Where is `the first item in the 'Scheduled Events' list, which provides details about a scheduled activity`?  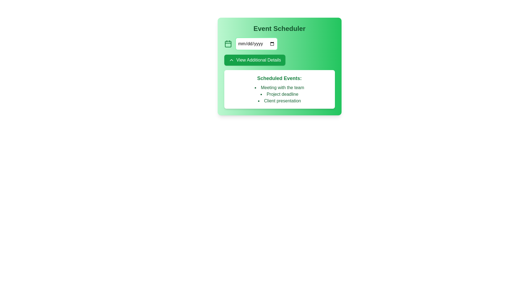 the first item in the 'Scheduled Events' list, which provides details about a scheduled activity is located at coordinates (279, 87).